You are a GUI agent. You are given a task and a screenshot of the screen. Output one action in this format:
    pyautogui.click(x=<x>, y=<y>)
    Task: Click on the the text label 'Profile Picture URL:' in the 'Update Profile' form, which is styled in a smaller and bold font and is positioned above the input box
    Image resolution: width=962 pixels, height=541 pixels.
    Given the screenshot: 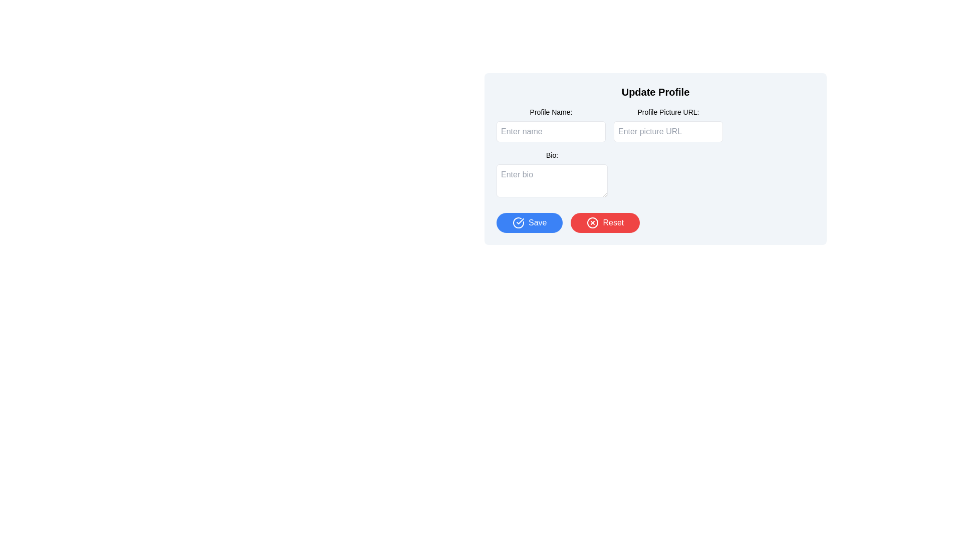 What is the action you would take?
    pyautogui.click(x=668, y=112)
    